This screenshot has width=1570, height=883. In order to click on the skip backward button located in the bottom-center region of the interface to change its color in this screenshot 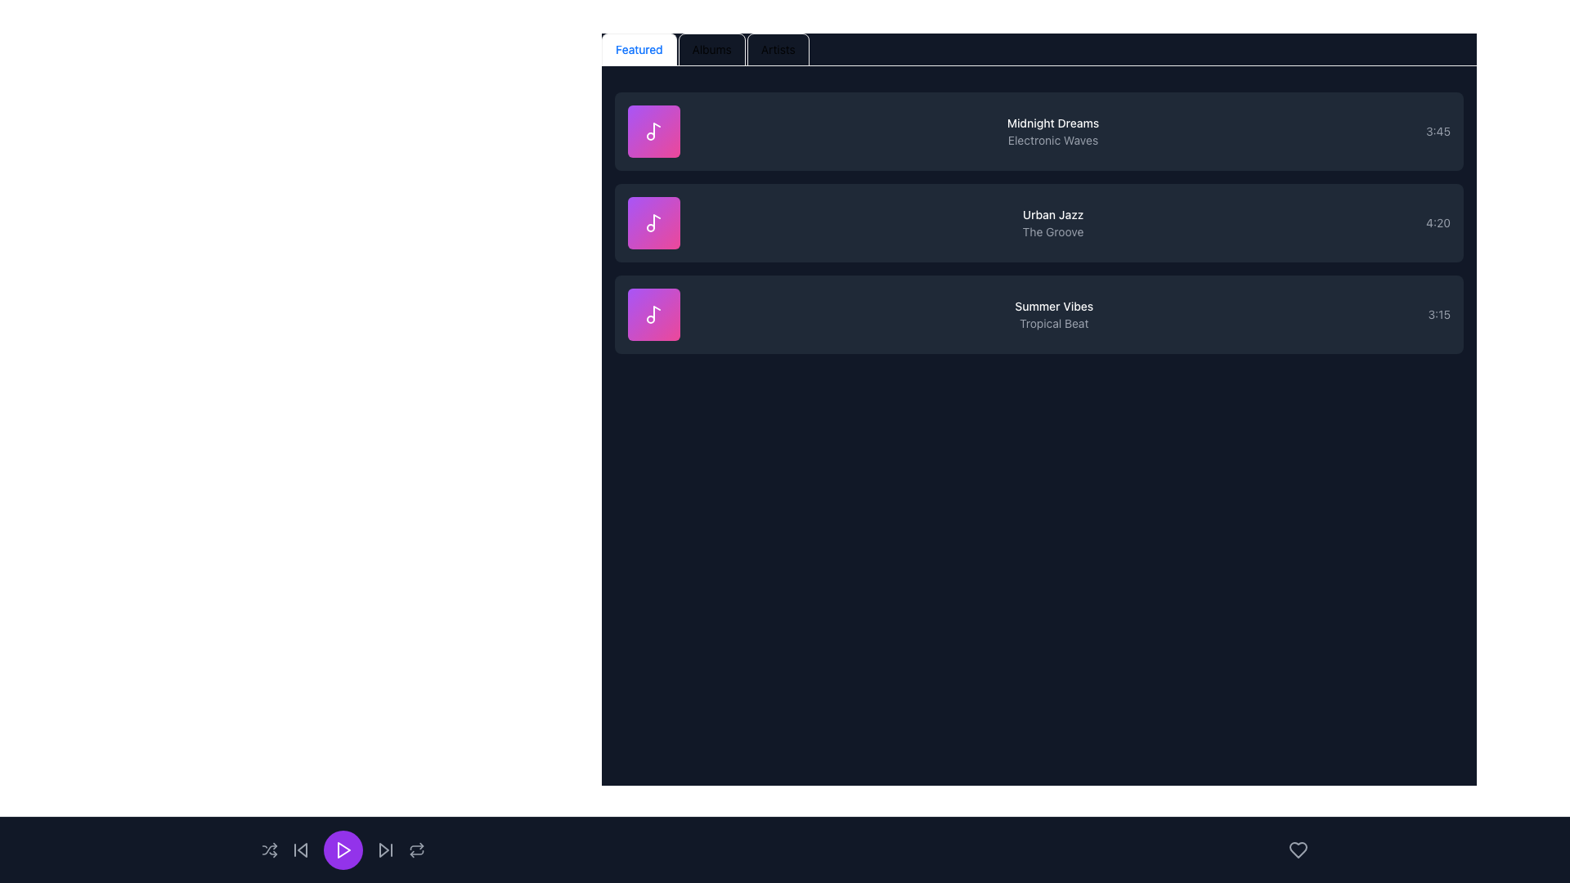, I will do `click(301, 849)`.